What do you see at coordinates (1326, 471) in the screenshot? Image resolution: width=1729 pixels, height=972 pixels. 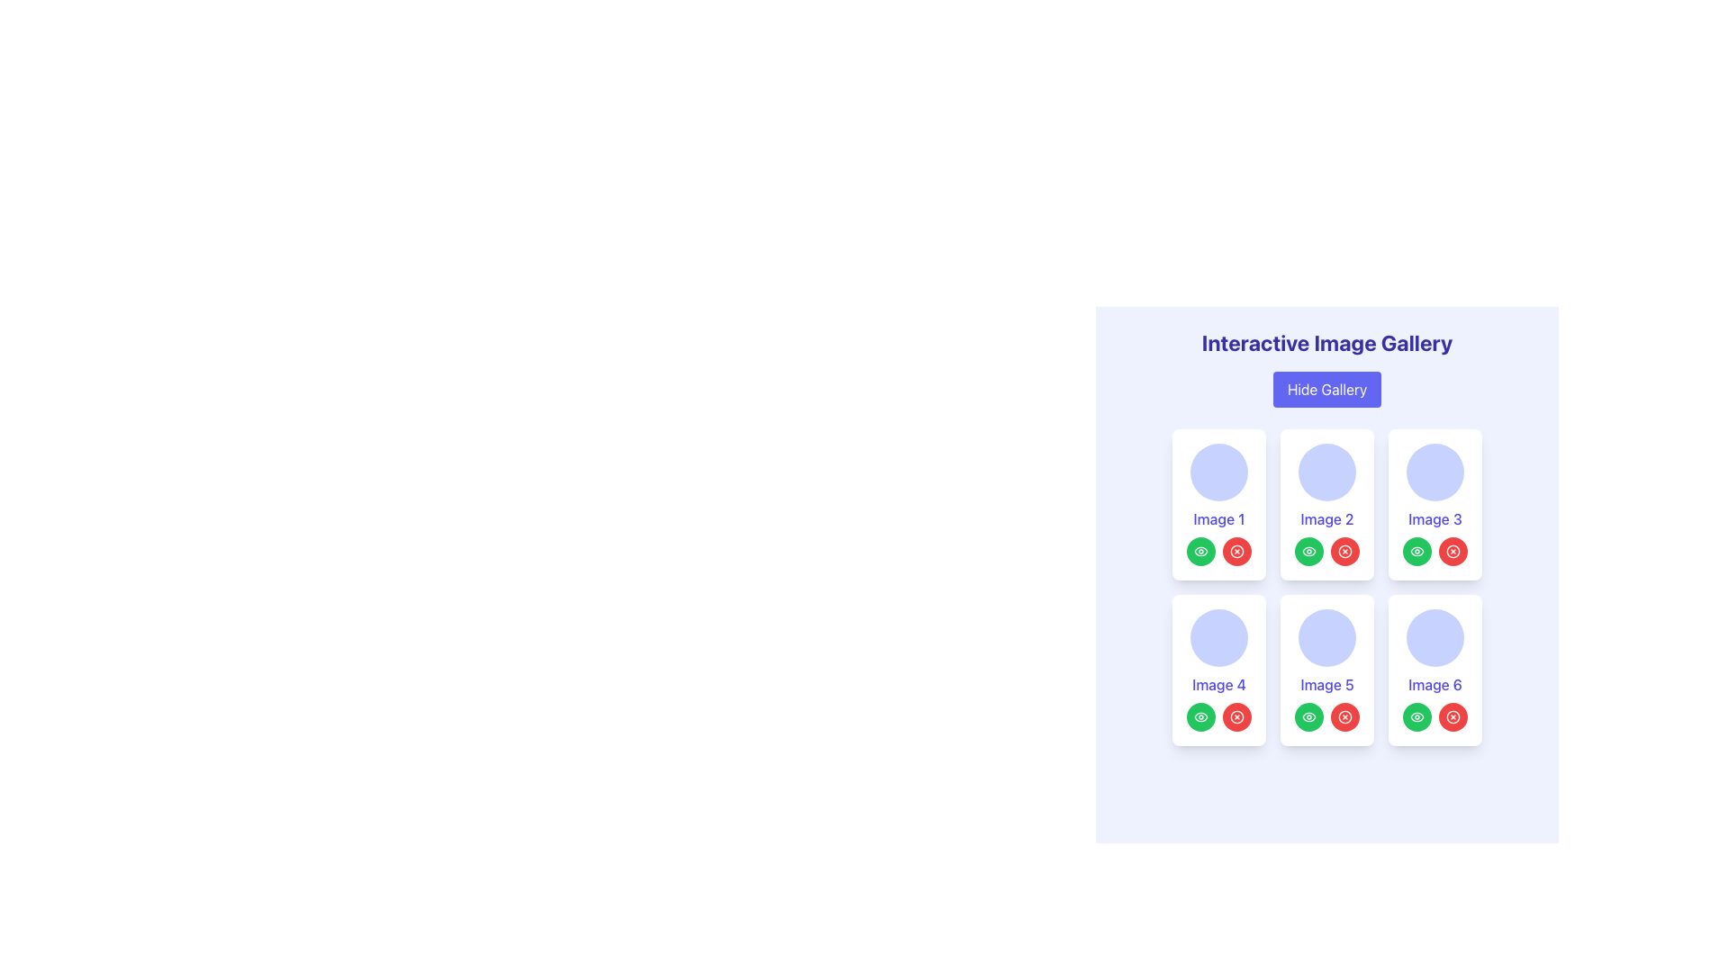 I see `the decorative circular component centered within the second card labeled 'Image 2' in the top row and middle column of the grid` at bounding box center [1326, 471].